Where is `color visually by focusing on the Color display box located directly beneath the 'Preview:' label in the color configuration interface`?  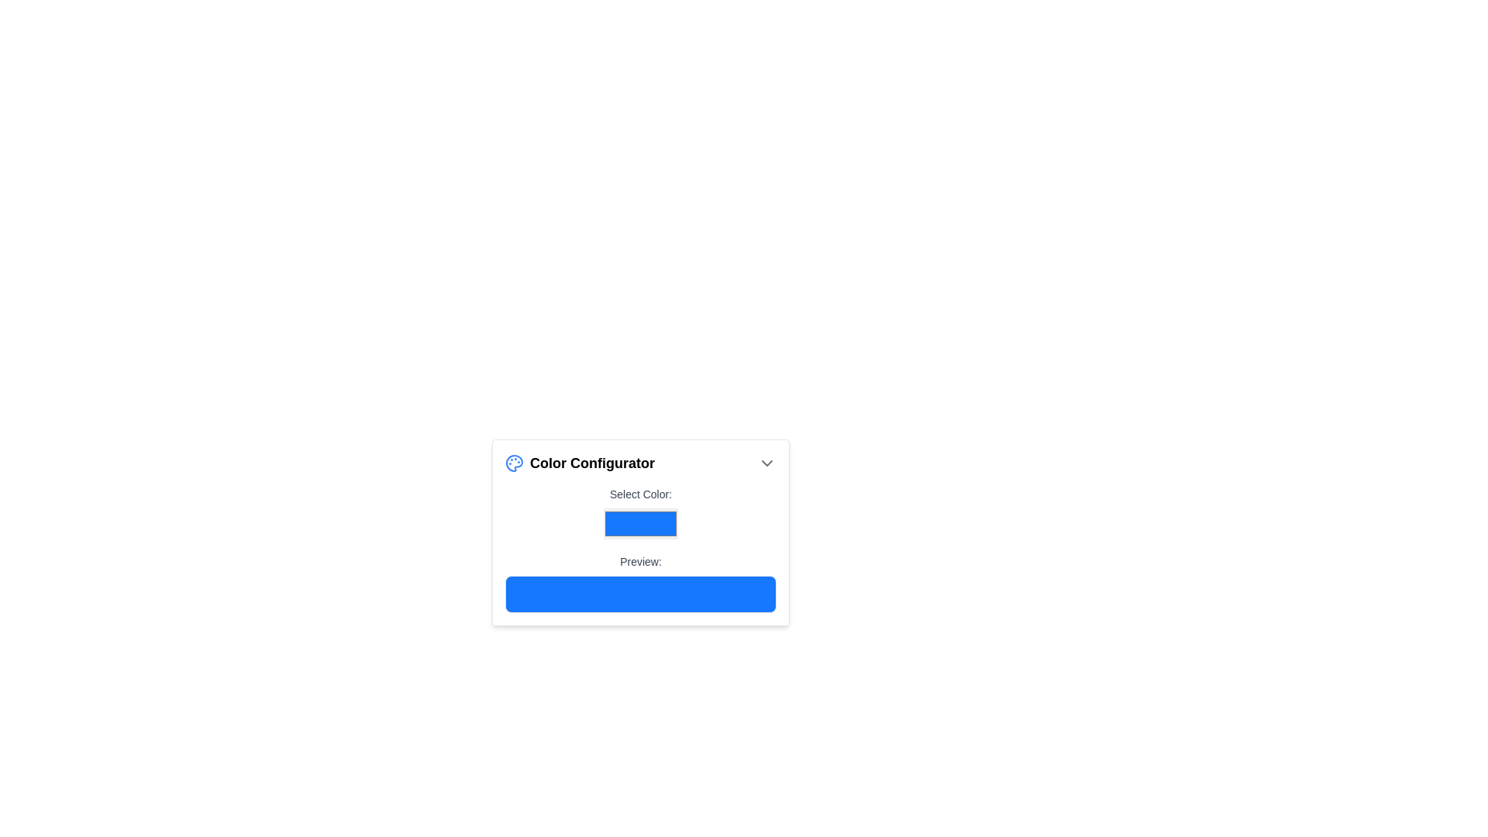 color visually by focusing on the Color display box located directly beneath the 'Preview:' label in the color configuration interface is located at coordinates (640, 594).